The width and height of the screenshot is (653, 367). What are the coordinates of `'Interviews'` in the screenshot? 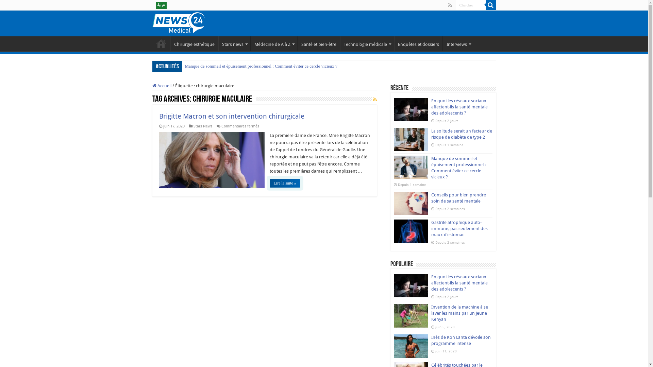 It's located at (442, 43).